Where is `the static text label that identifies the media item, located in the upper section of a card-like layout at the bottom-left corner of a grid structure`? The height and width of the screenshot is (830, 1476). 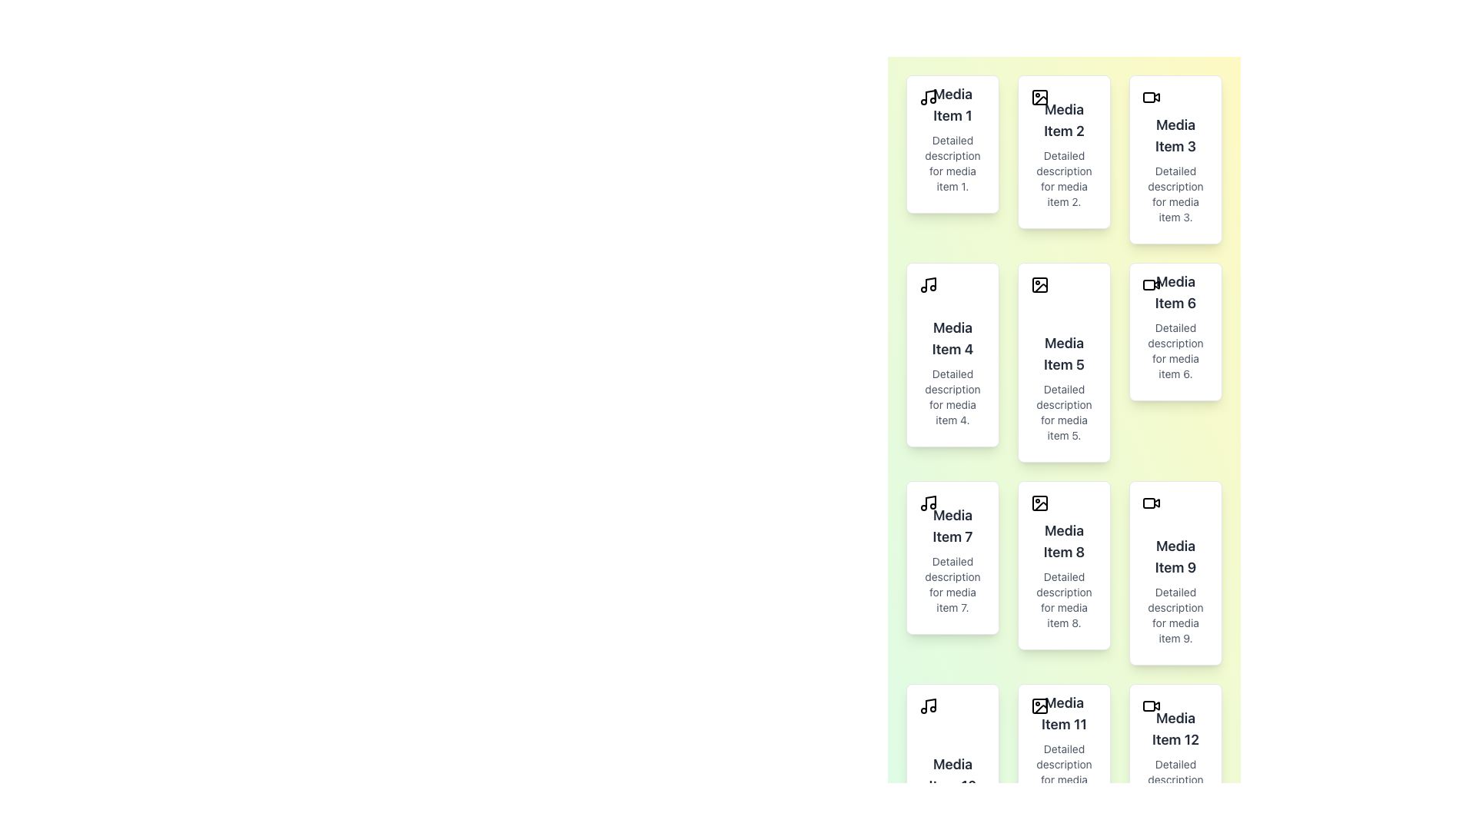 the static text label that identifies the media item, located in the upper section of a card-like layout at the bottom-left corner of a grid structure is located at coordinates (952, 775).